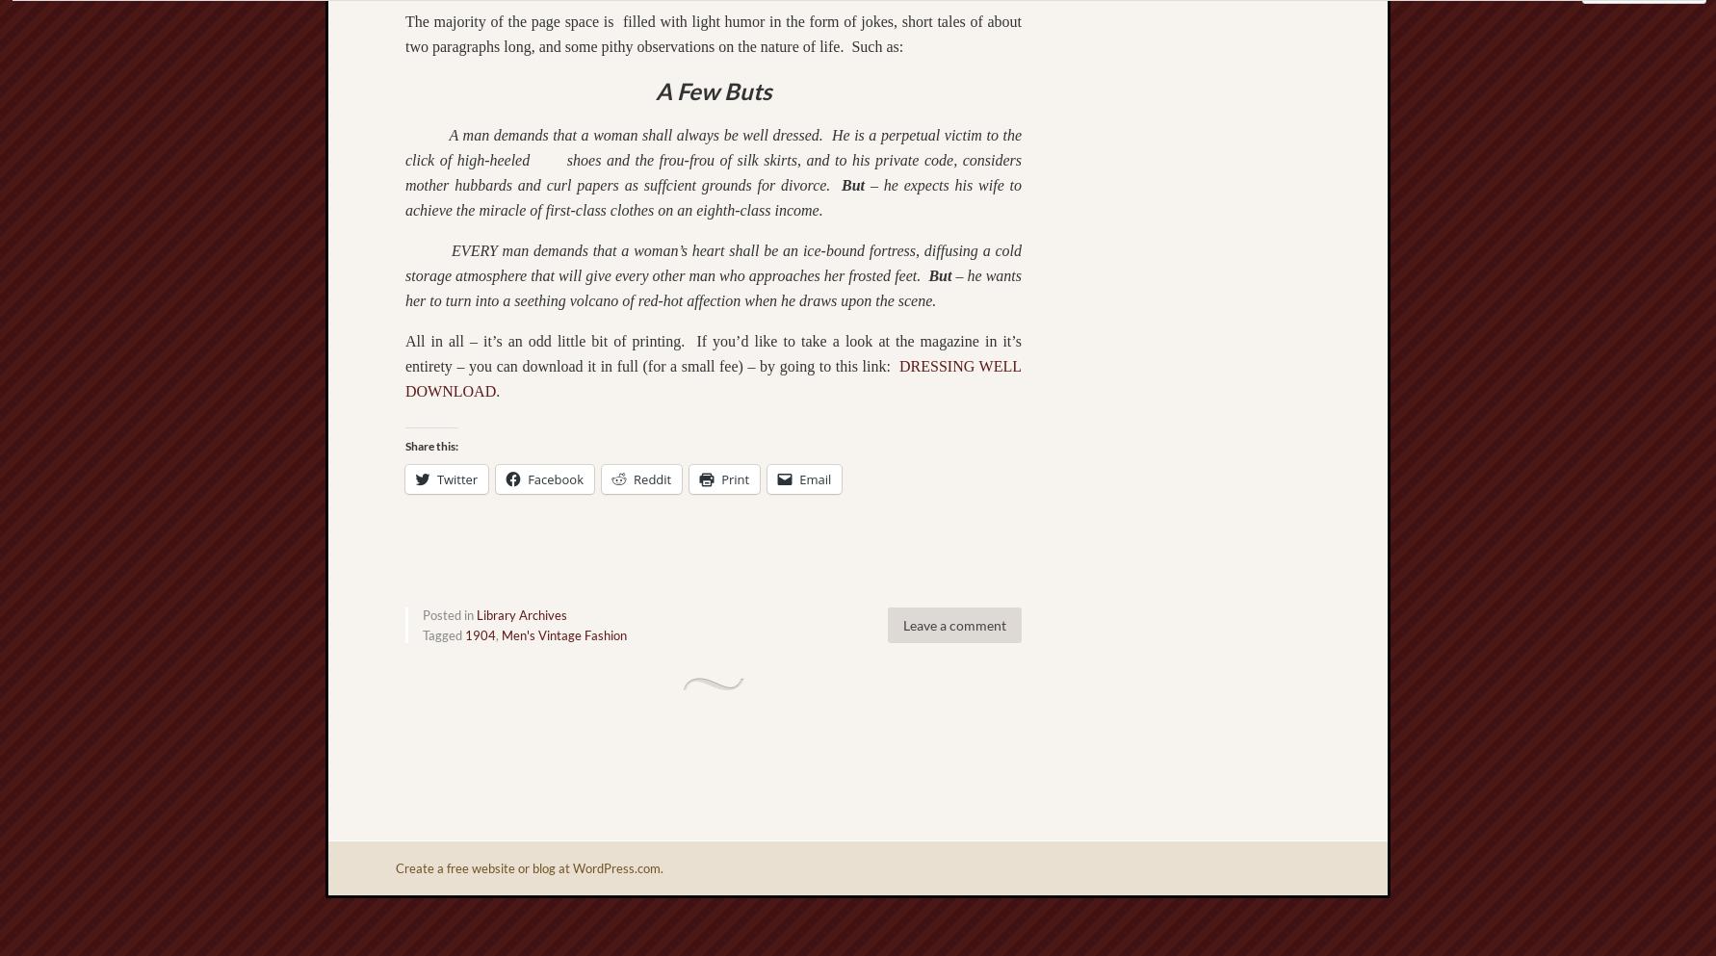 Image resolution: width=1716 pixels, height=956 pixels. I want to click on 'Men's Vintage Fashion', so click(501, 633).